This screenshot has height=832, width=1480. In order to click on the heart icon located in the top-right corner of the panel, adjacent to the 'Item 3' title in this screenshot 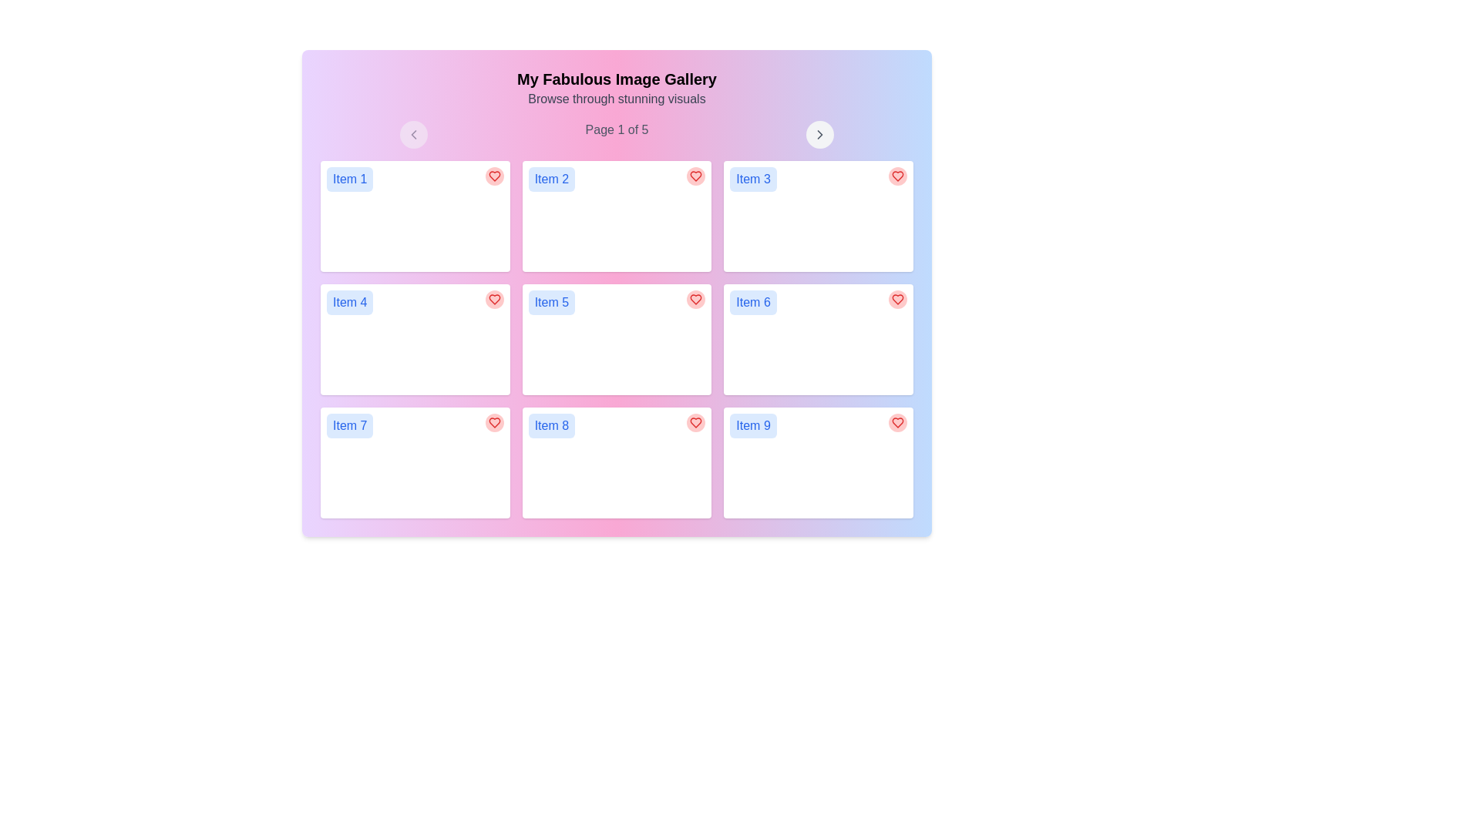, I will do `click(898, 175)`.